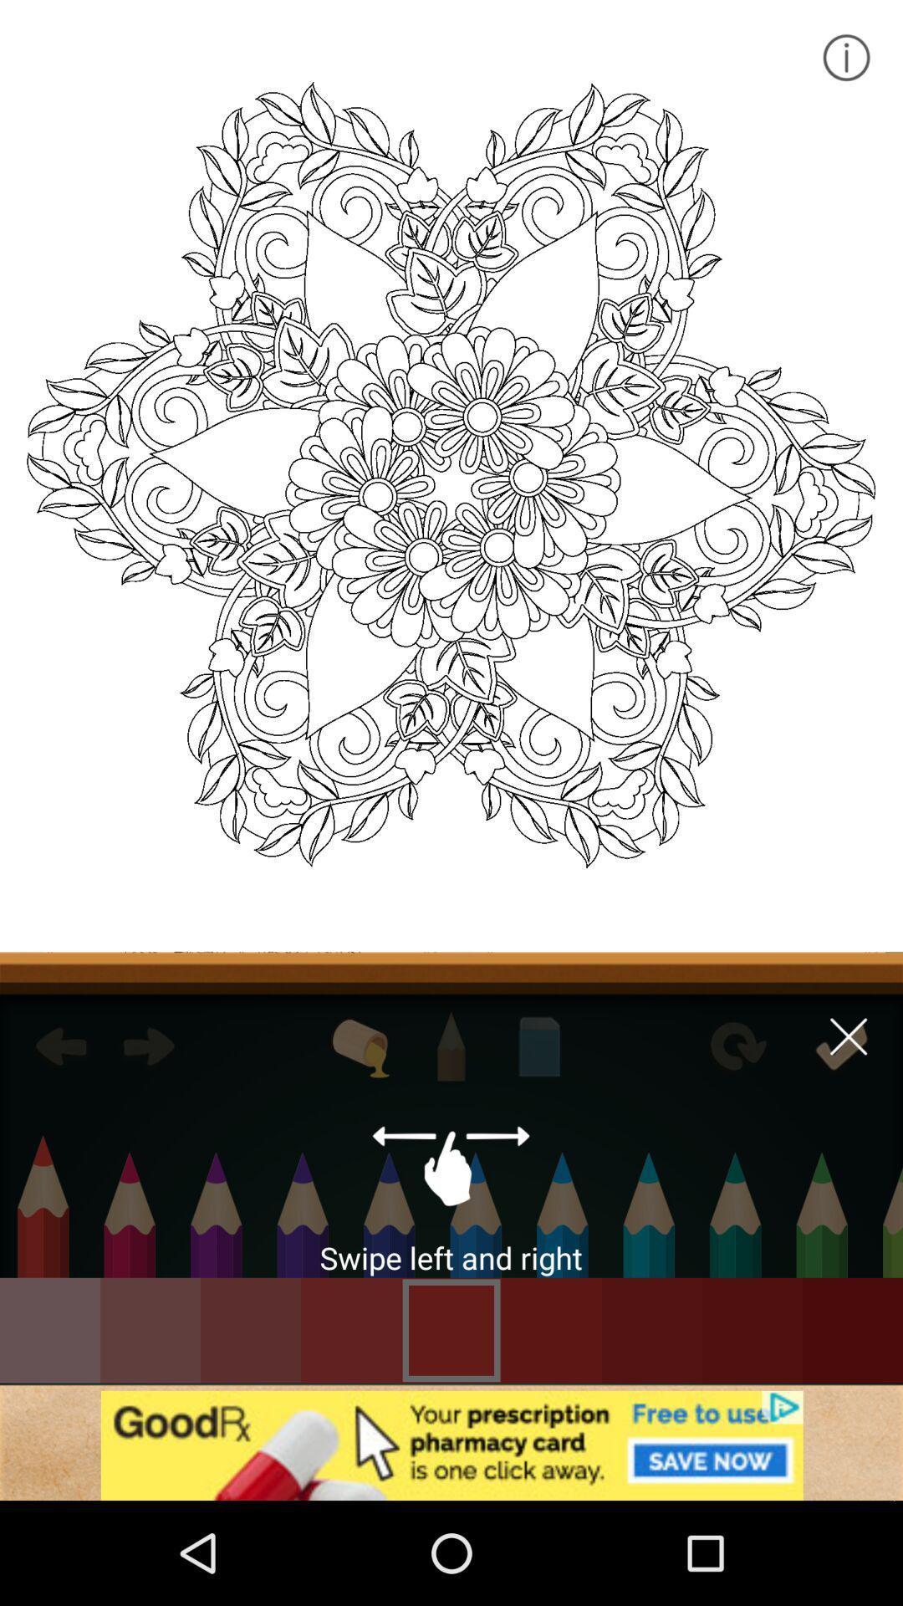 Image resolution: width=903 pixels, height=1606 pixels. Describe the element at coordinates (60, 1046) in the screenshot. I see `the arrow_backward icon` at that location.